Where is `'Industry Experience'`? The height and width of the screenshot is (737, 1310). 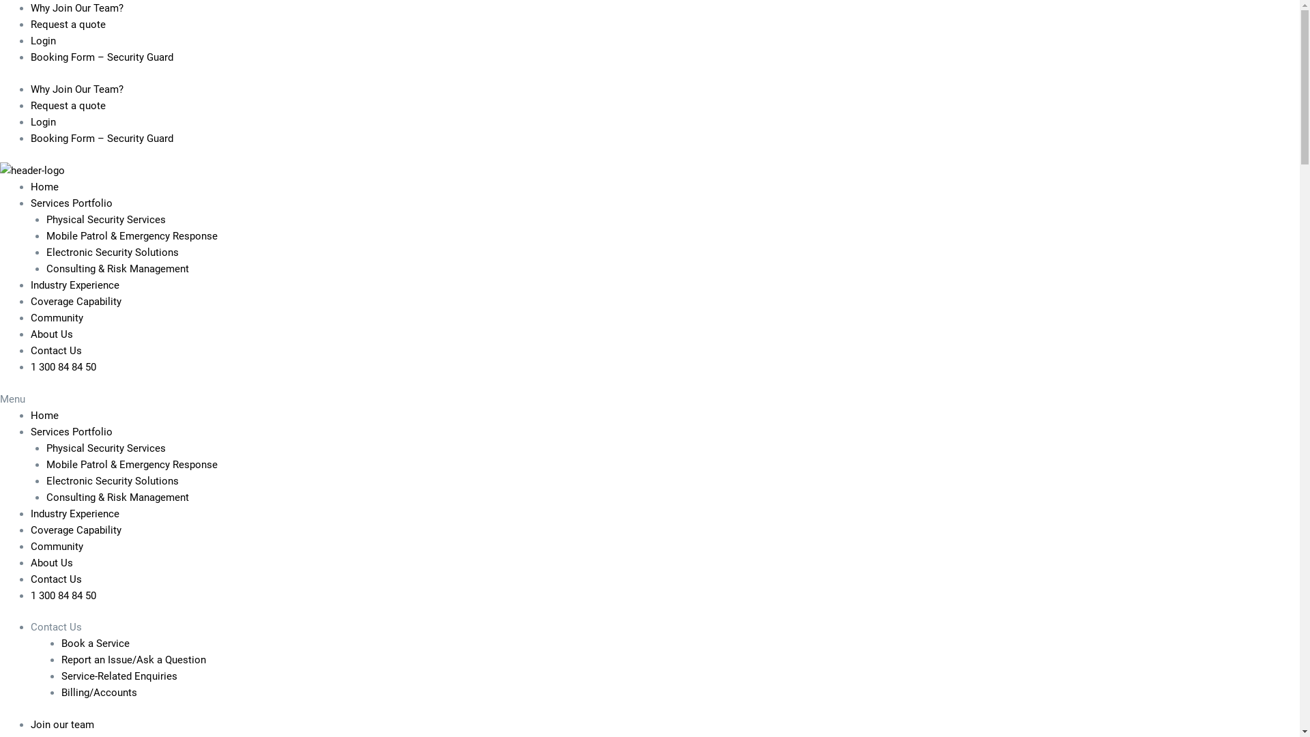 'Industry Experience' is located at coordinates (74, 513).